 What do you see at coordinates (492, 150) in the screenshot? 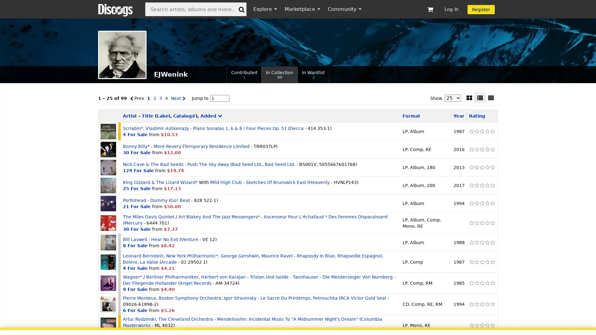
I see `Rate this release 5 stars.` at bounding box center [492, 150].